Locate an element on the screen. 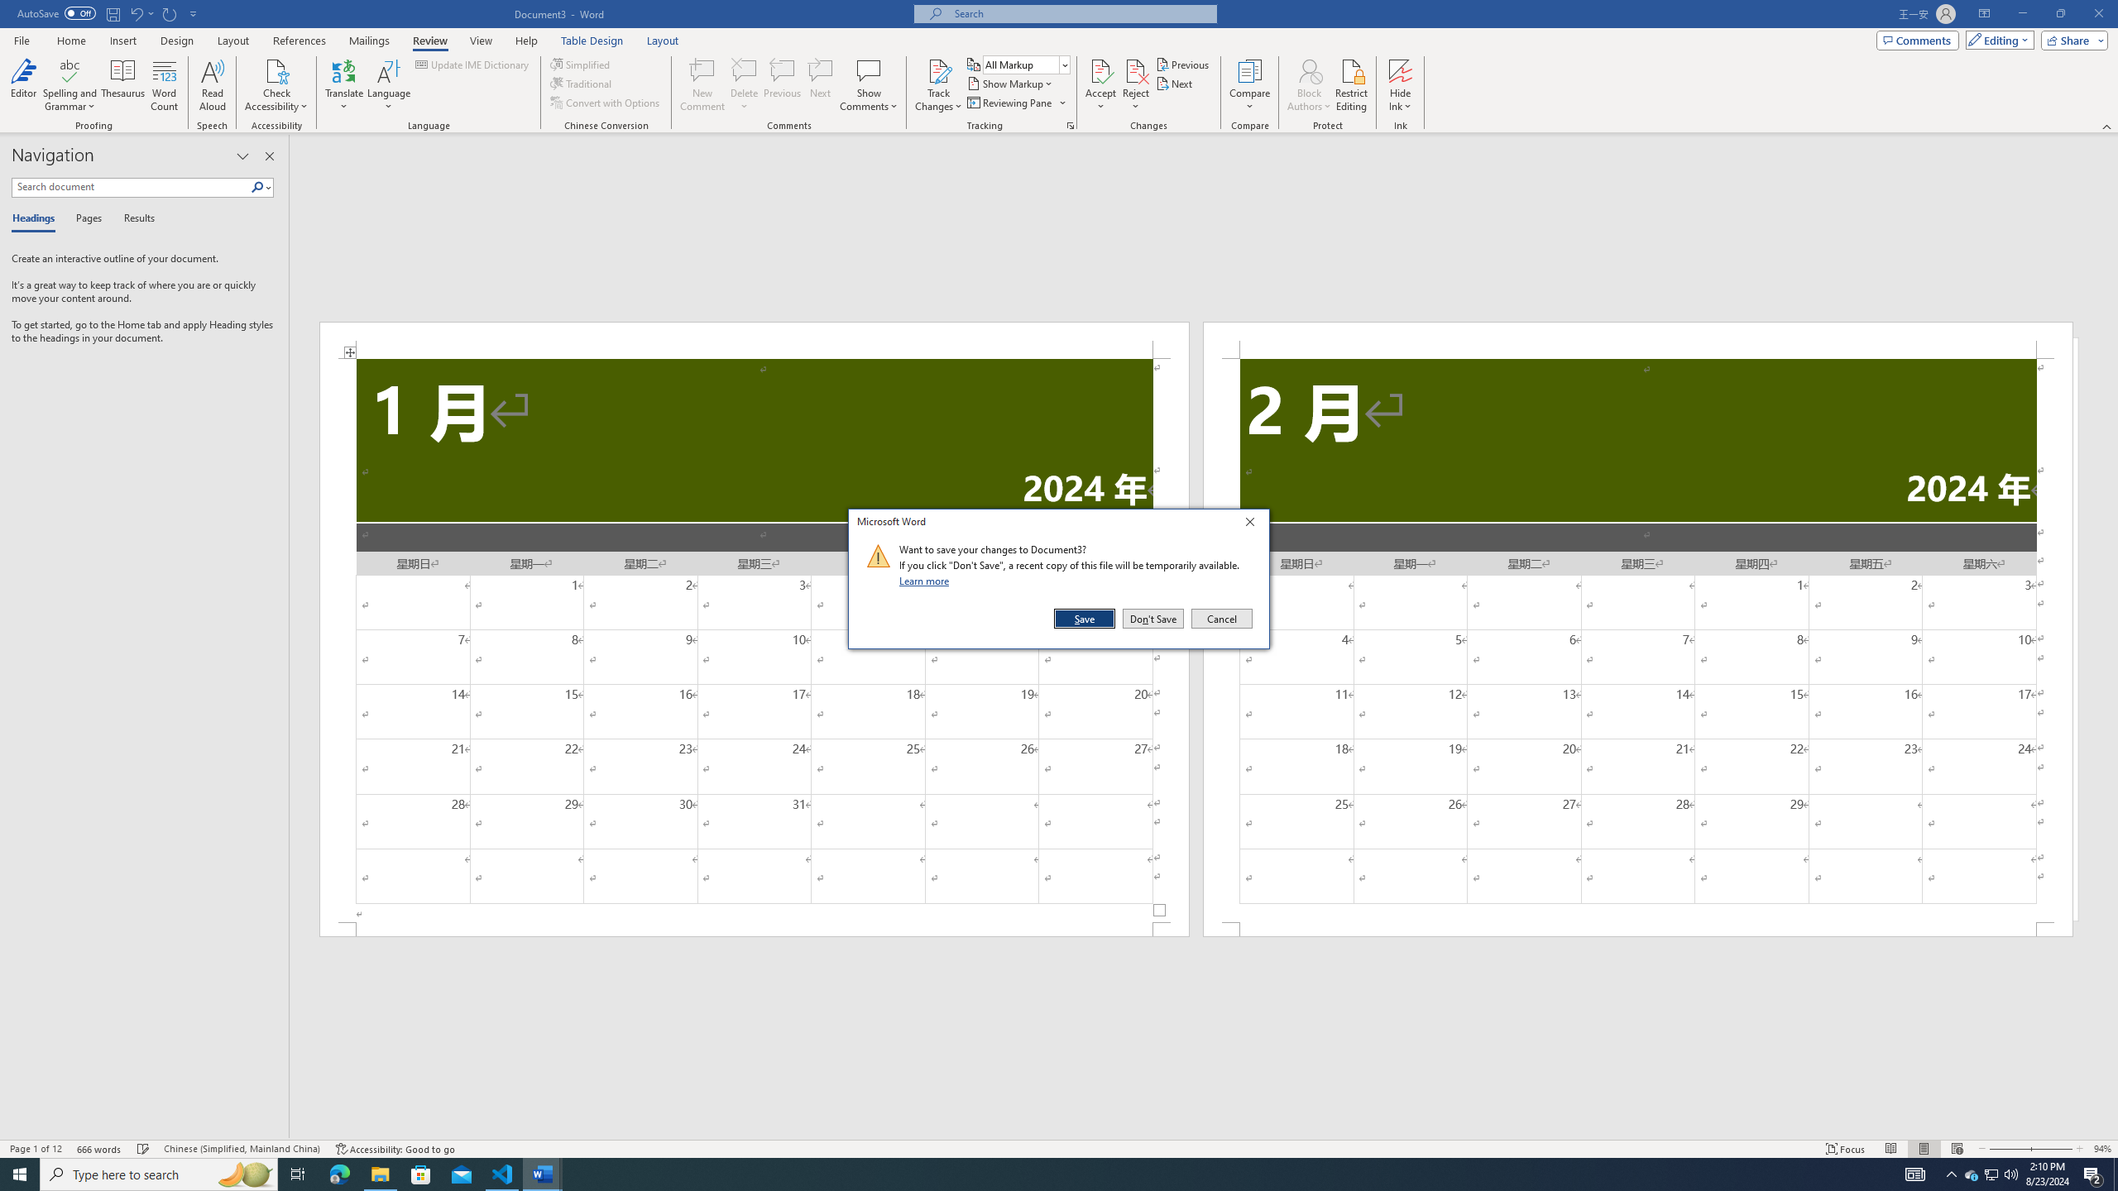  'Headings' is located at coordinates (36, 218).